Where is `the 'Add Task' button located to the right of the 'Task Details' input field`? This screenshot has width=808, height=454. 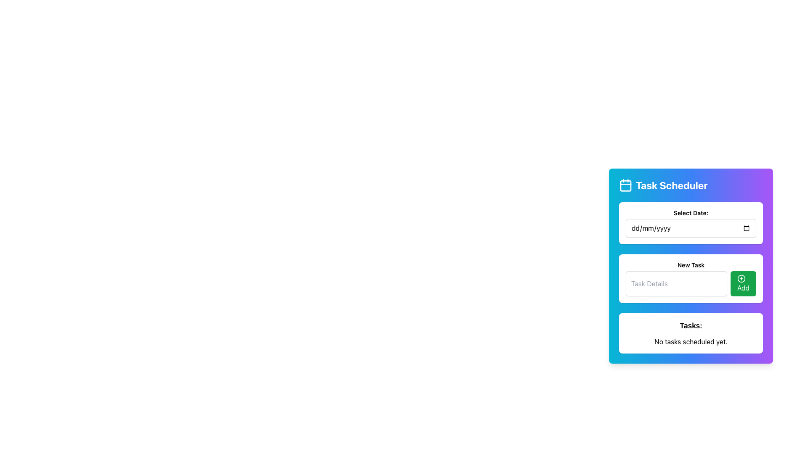
the 'Add Task' button located to the right of the 'Task Details' input field is located at coordinates (743, 284).